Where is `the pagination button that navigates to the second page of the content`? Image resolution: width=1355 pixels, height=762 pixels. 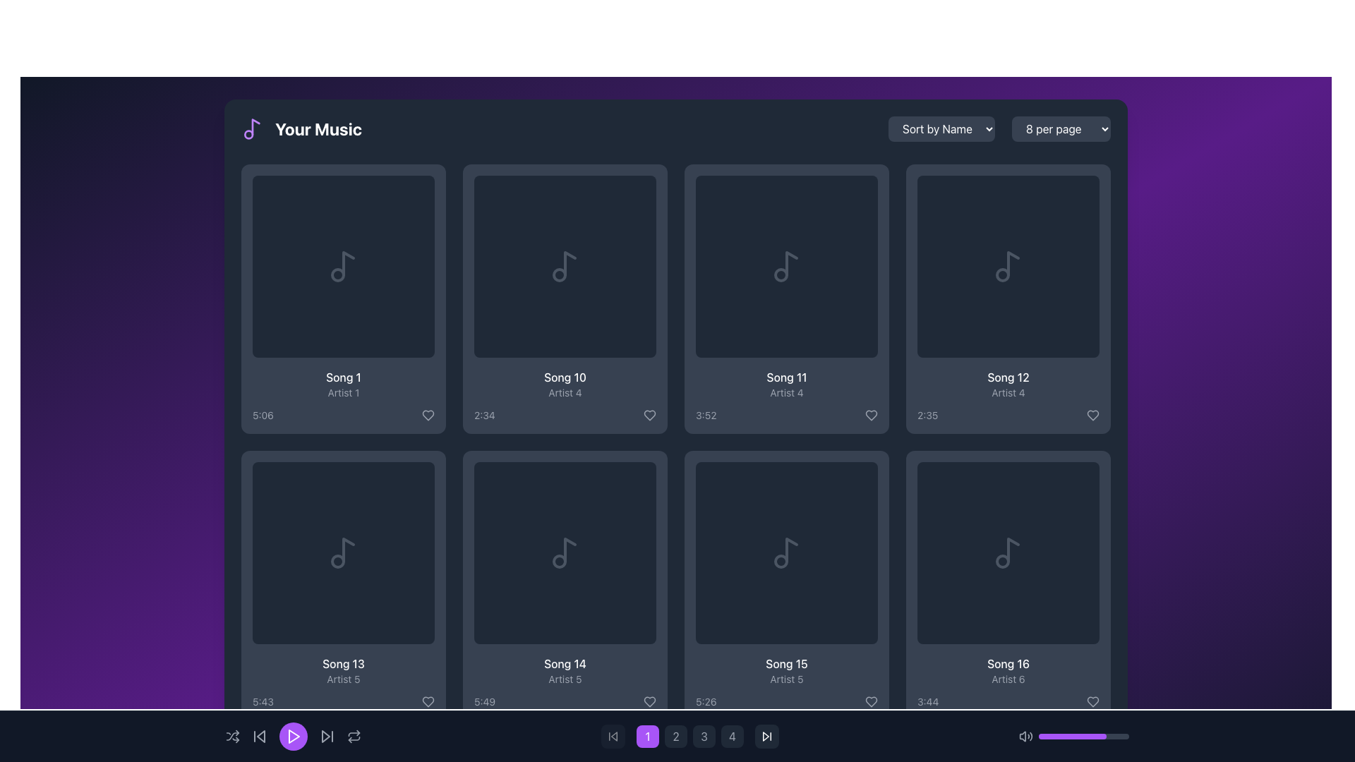
the pagination button that navigates to the second page of the content is located at coordinates (677, 736).